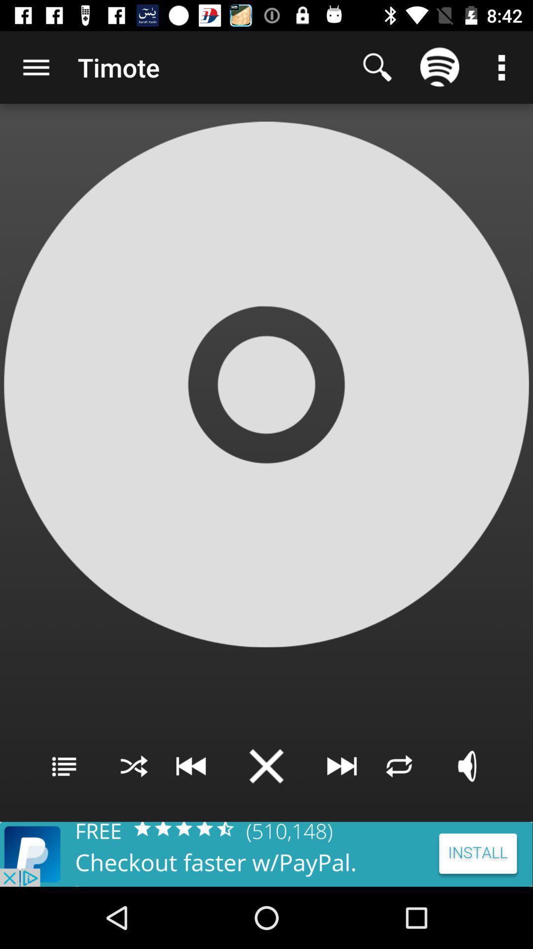 This screenshot has height=949, width=533. I want to click on the close icon, so click(266, 766).